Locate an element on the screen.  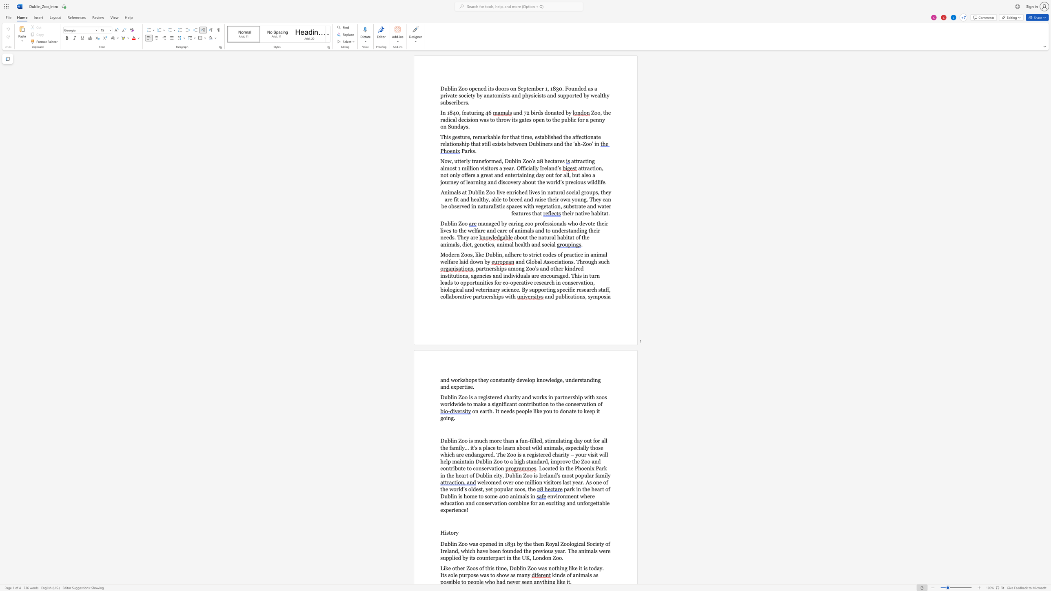
the space between the continuous character "t" and "a" in the text is located at coordinates (542, 137).